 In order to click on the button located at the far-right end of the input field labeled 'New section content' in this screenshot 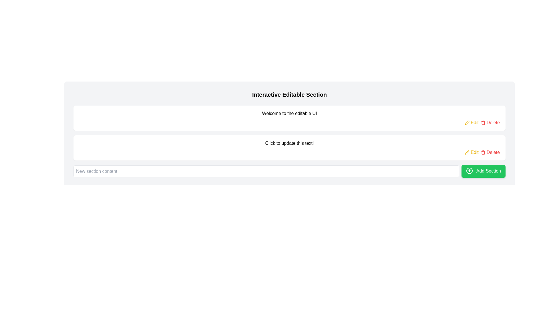, I will do `click(483, 171)`.